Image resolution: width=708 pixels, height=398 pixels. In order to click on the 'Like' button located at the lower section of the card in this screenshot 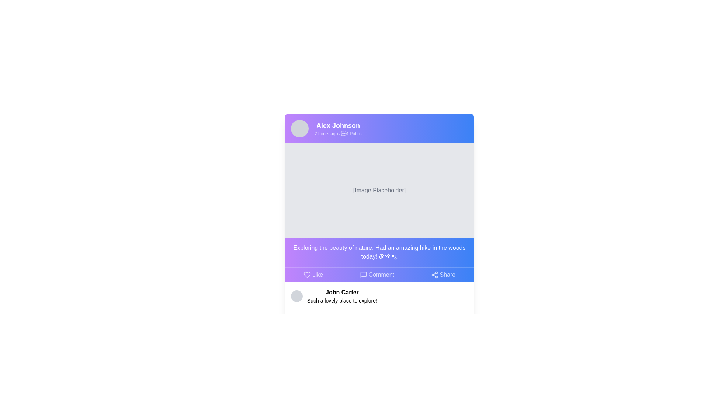, I will do `click(313, 275)`.